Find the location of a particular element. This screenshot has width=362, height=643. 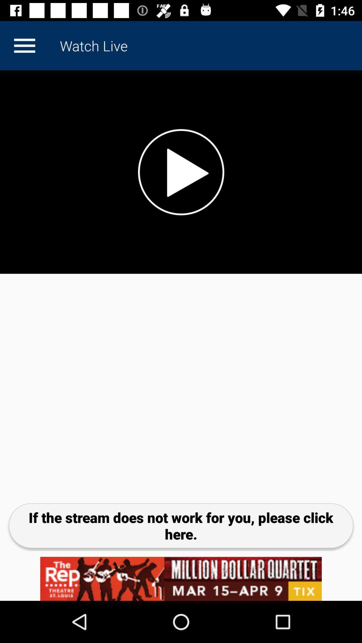

watch the video is located at coordinates (181, 172).